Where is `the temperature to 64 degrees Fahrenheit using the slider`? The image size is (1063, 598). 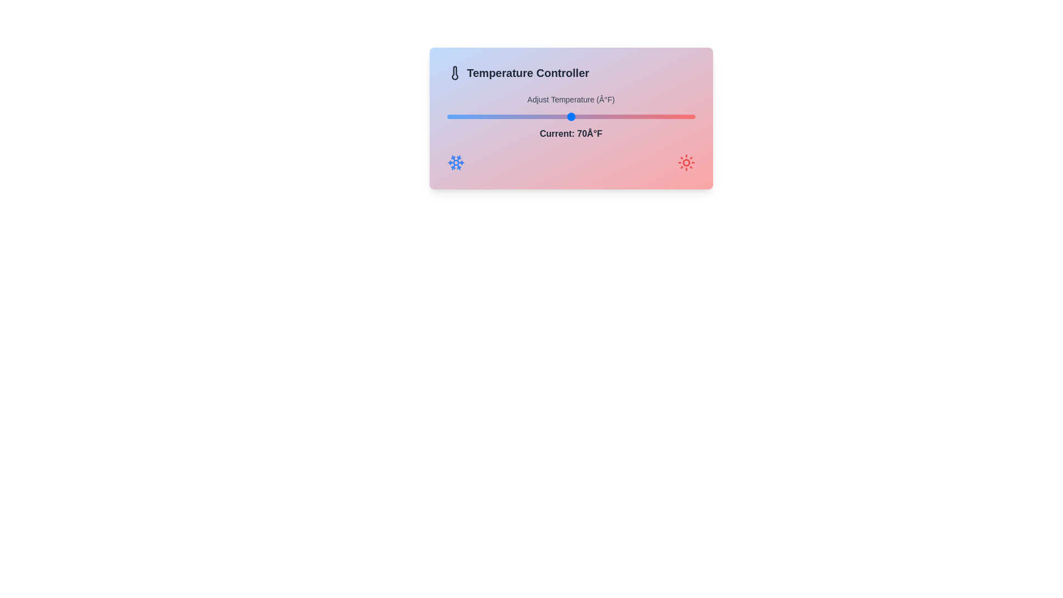 the temperature to 64 degrees Fahrenheit using the slider is located at coordinates (534, 117).